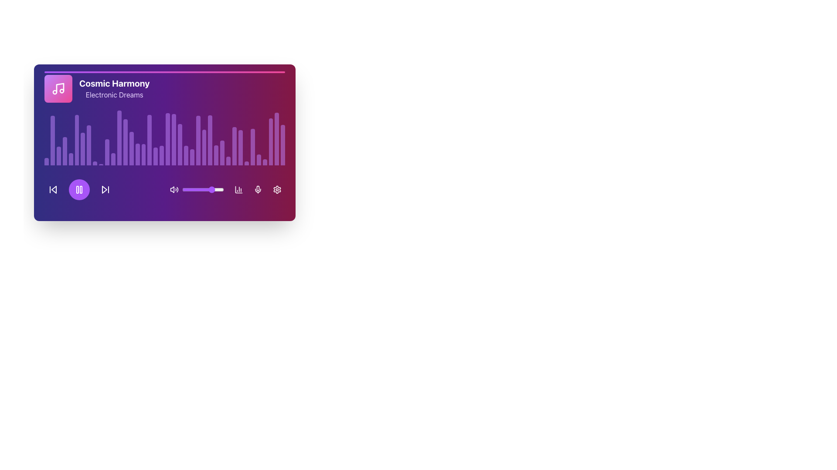  I want to click on the music icon located in the top-left section of the media control interface, which is positioned to the left of the text 'Cosmic Harmony.', so click(58, 89).